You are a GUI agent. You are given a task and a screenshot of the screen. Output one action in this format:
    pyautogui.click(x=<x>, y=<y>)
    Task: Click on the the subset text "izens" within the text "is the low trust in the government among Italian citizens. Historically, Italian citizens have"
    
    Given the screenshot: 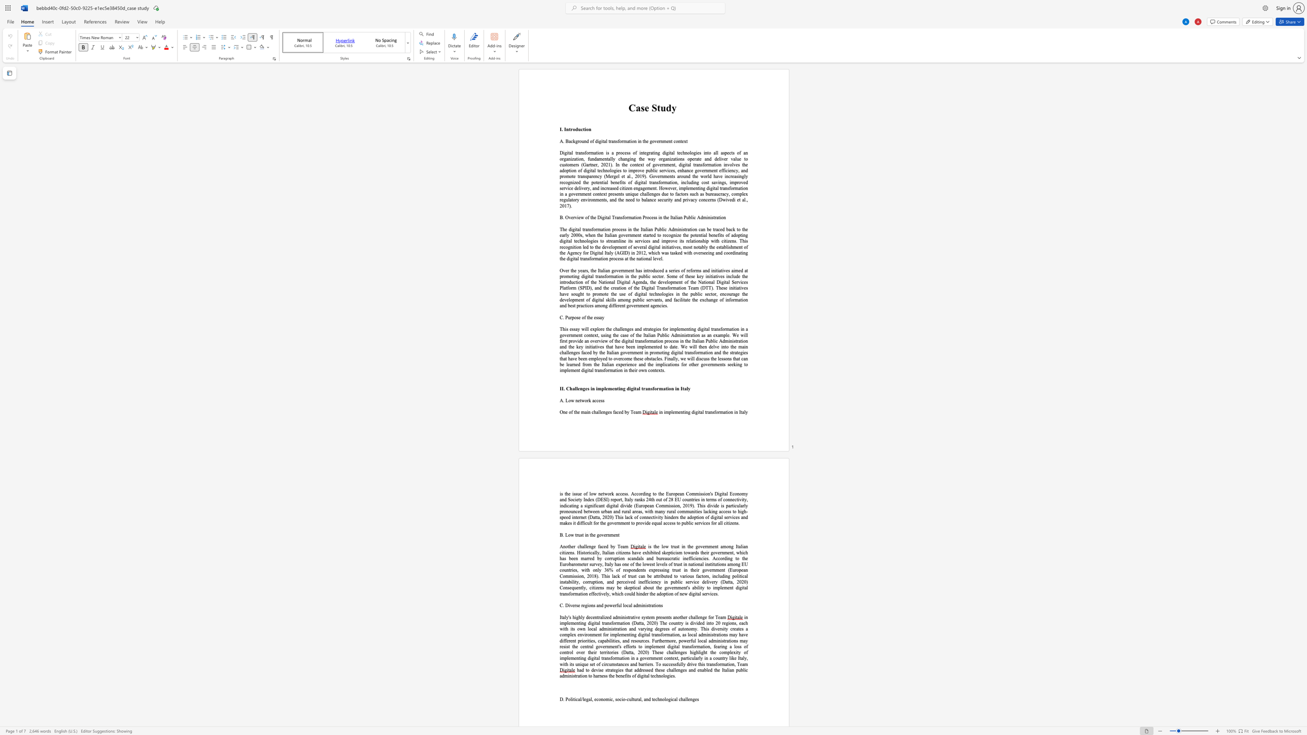 What is the action you would take?
    pyautogui.click(x=621, y=552)
    